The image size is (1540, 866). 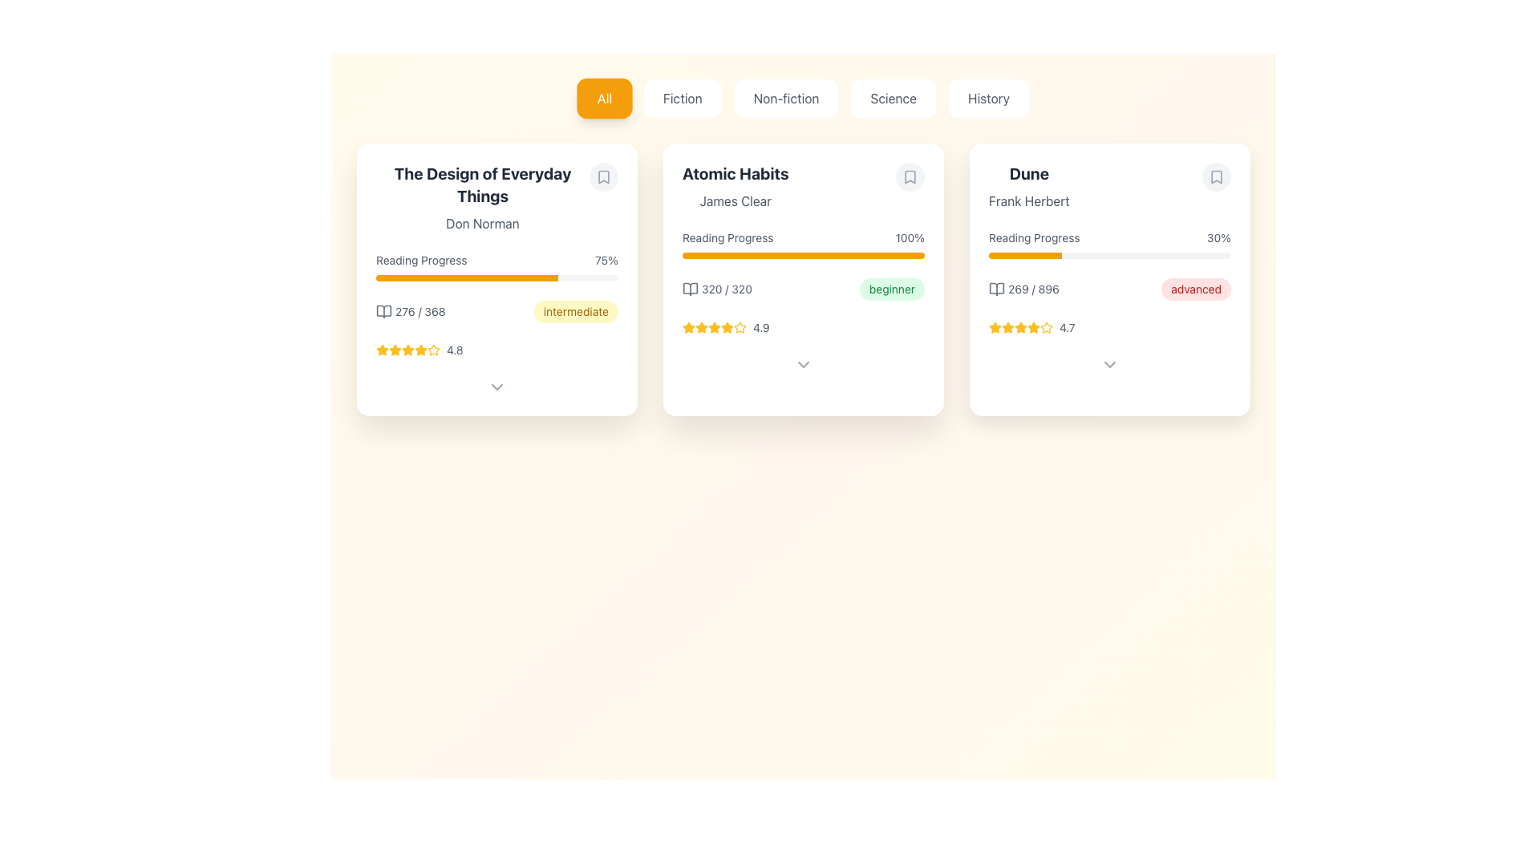 I want to click on the third star in the star rating system for the card titled 'The Design of Everyday Things', which is filled with yellow color and indicates a rating of 4.8, so click(x=407, y=349).